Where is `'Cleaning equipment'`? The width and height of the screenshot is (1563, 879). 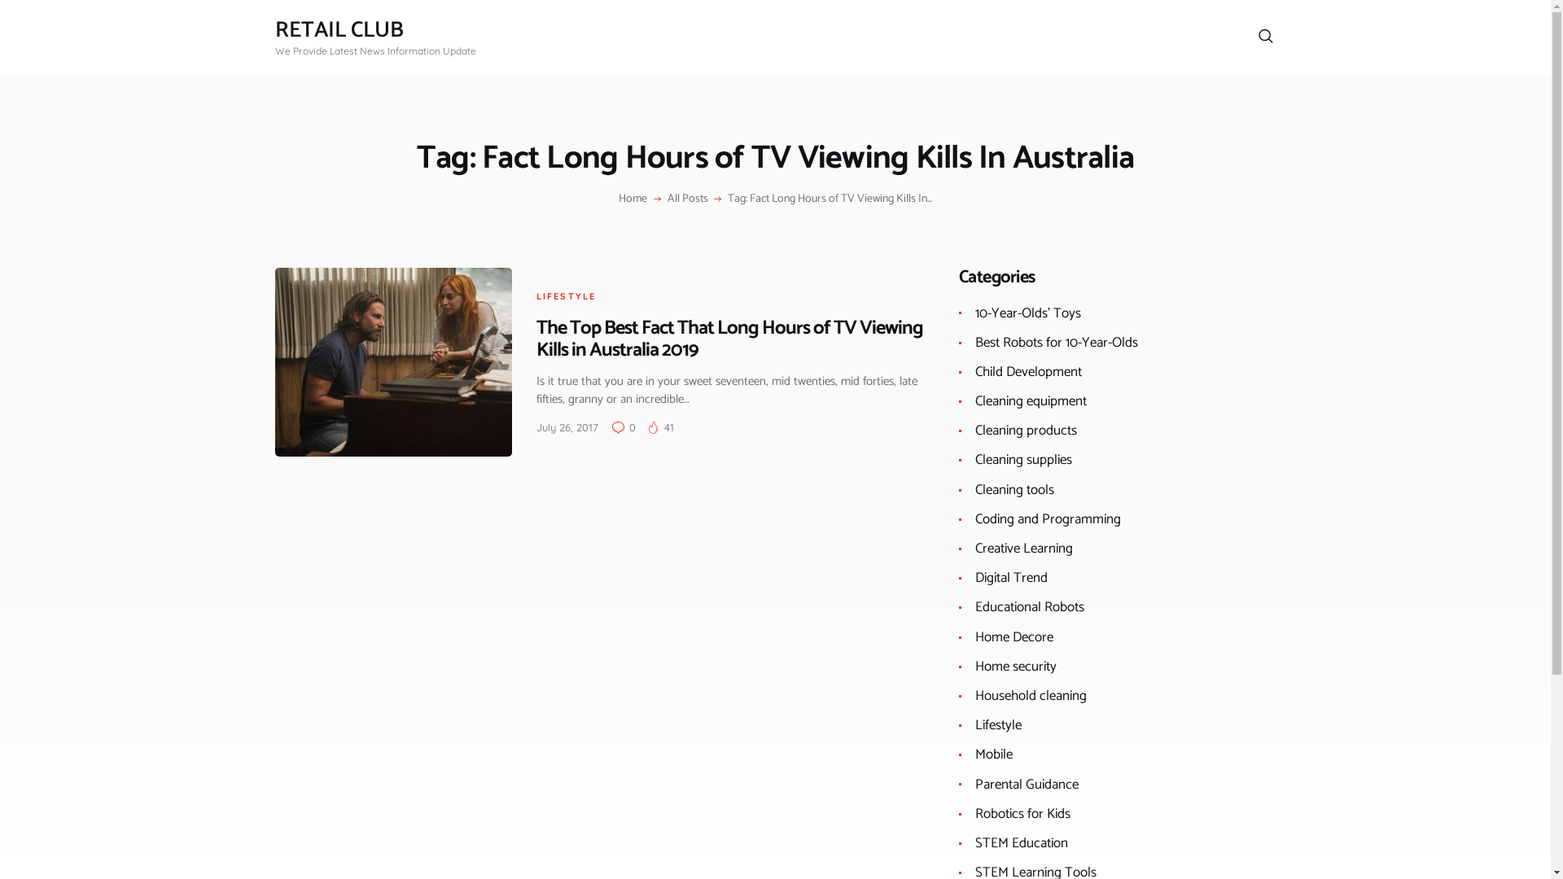 'Cleaning equipment' is located at coordinates (1030, 401).